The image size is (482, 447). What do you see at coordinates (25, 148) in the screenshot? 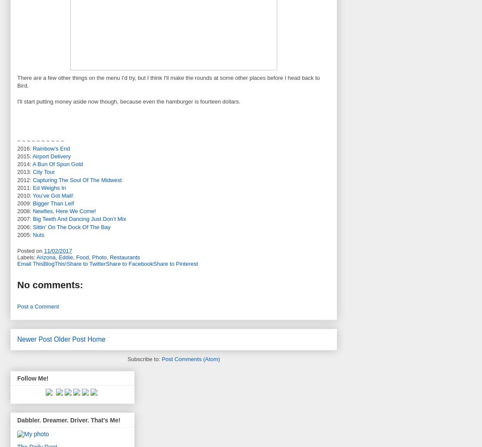
I see `'2016:'` at bounding box center [25, 148].